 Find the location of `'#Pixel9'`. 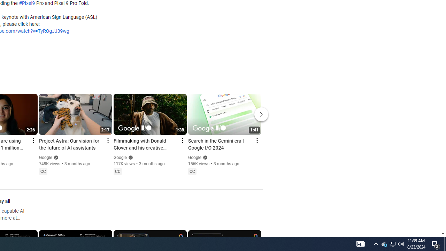

'#Pixel9' is located at coordinates (27, 3).